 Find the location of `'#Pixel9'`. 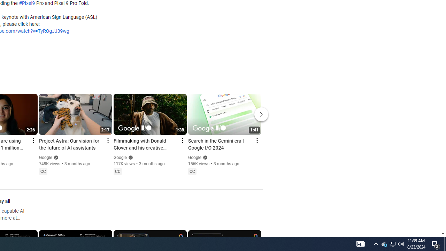

'#Pixel9' is located at coordinates (27, 3).